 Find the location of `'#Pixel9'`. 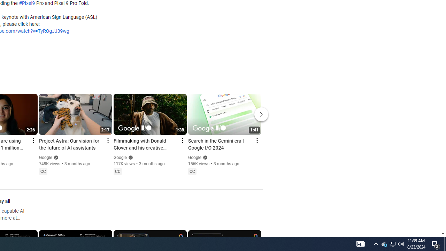

'#Pixel9' is located at coordinates (27, 3).